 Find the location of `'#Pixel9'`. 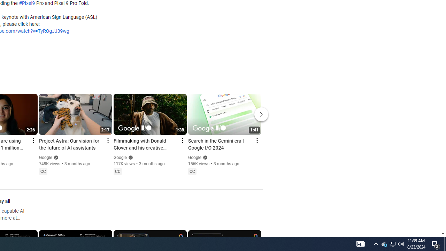

'#Pixel9' is located at coordinates (27, 3).